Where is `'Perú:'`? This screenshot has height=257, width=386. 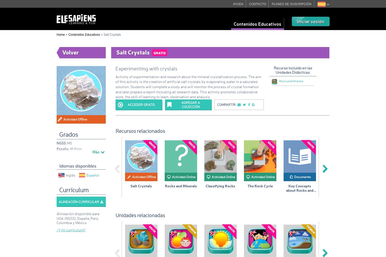
'Perú:' is located at coordinates (60, 154).